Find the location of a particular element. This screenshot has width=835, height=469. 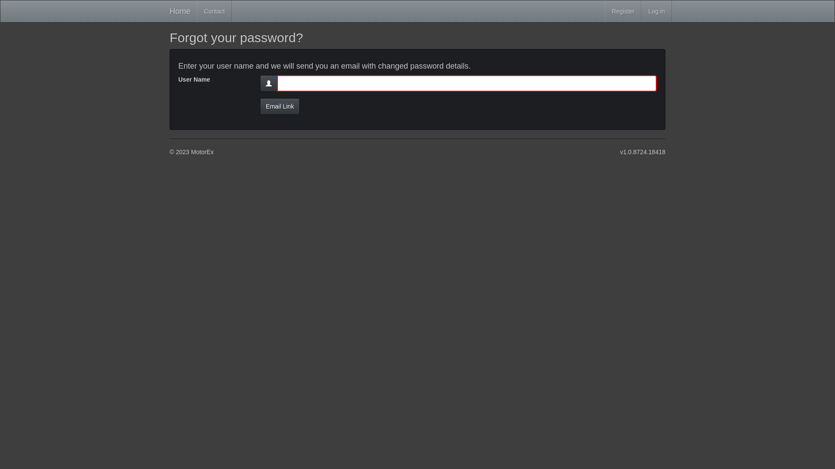

'Log in' is located at coordinates (657, 11).